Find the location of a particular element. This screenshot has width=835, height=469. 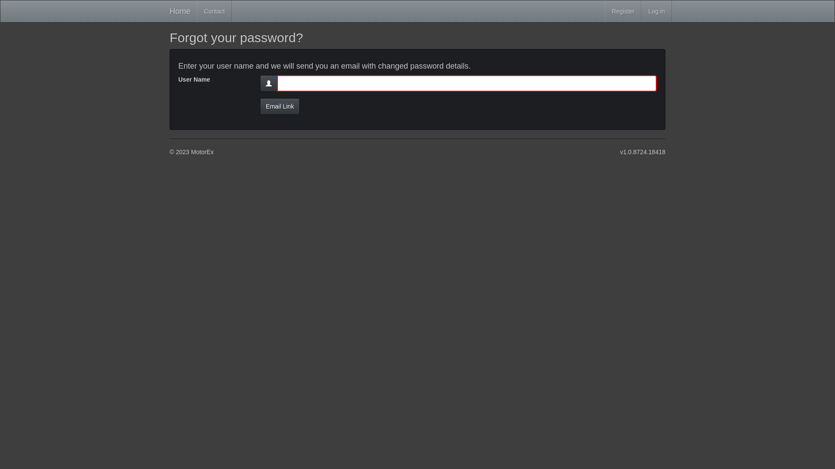

'Log in' is located at coordinates (657, 11).